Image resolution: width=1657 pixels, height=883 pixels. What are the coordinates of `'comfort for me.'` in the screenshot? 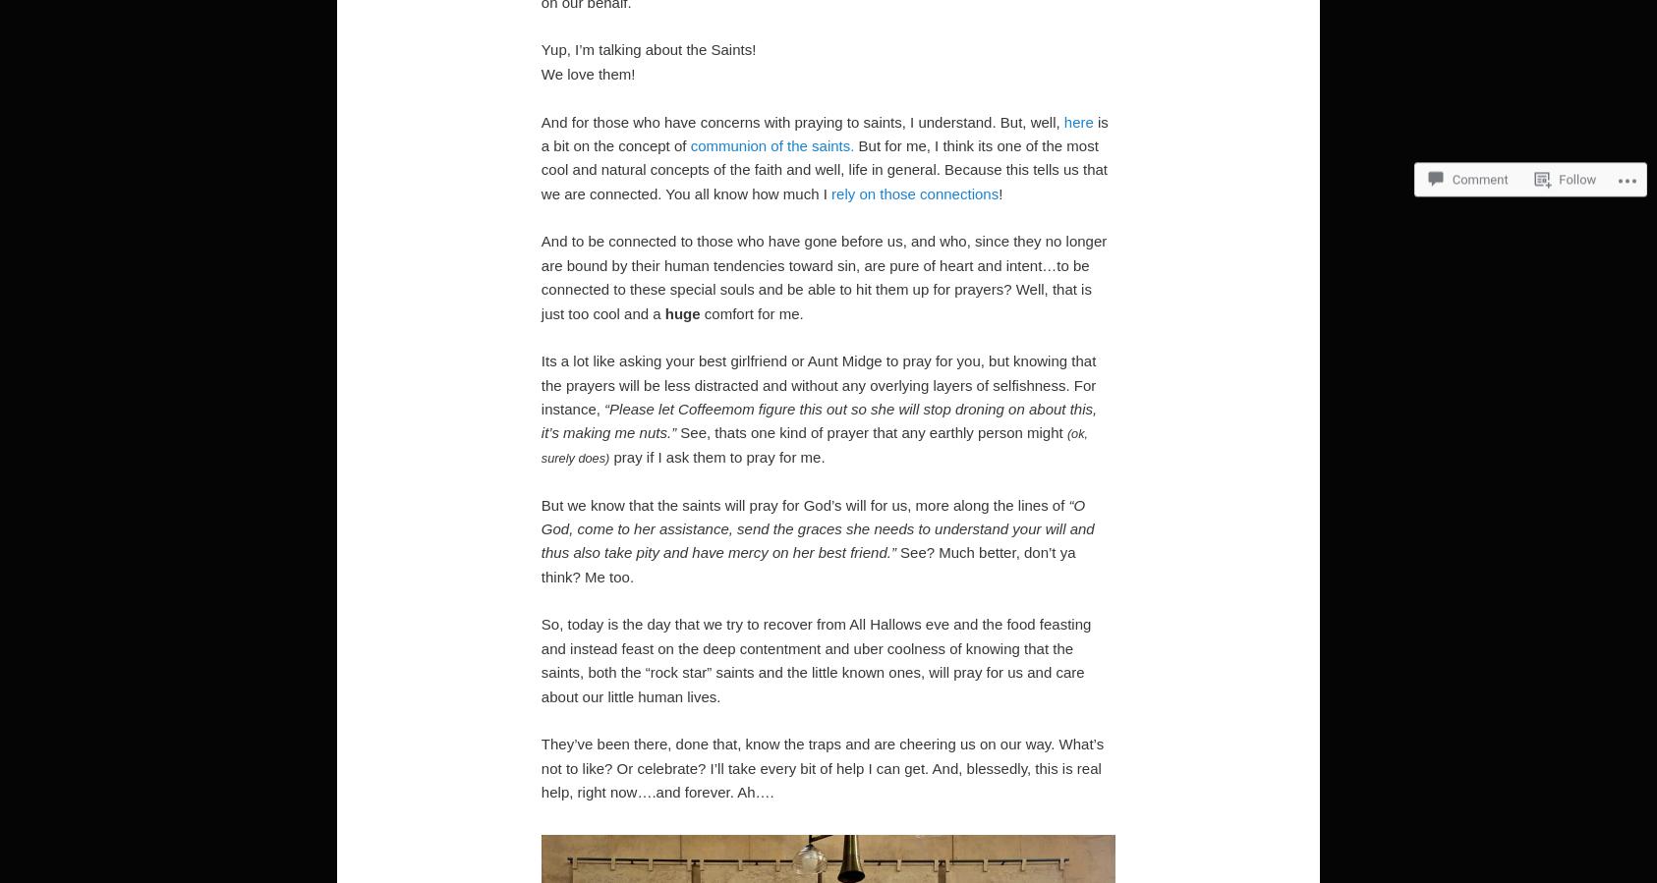 It's located at (751, 311).